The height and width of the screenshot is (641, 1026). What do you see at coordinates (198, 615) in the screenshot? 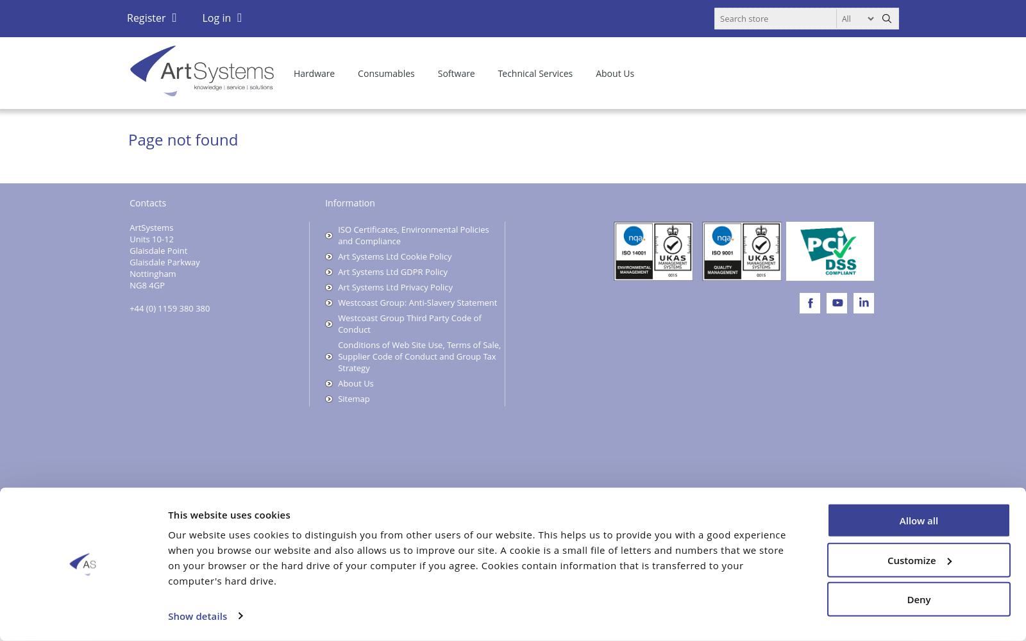
I see `'Show details'` at bounding box center [198, 615].